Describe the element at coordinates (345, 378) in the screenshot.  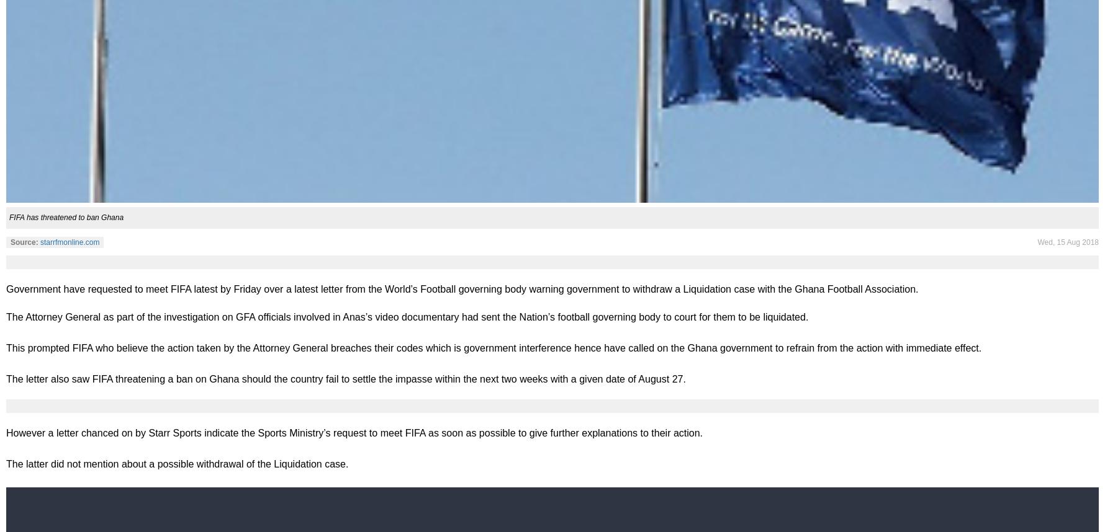
I see `'The letter also saw FIFA threatening a ban on Ghana should the country fail to settle the impasse within the next two weeks with a given date of August 27.'` at that location.